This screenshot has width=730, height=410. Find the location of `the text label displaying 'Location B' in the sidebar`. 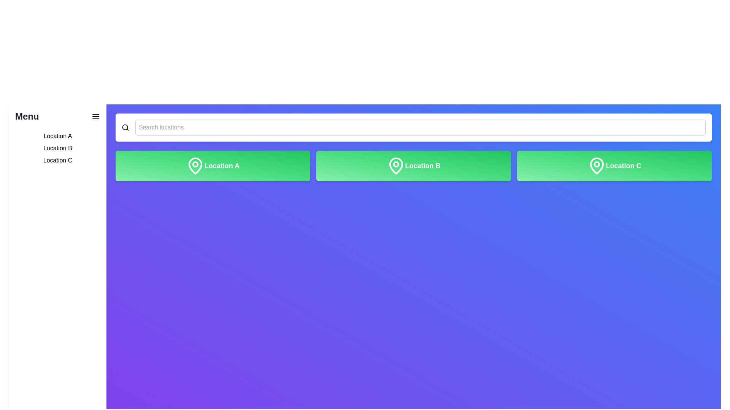

the text label displaying 'Location B' in the sidebar is located at coordinates (57, 148).